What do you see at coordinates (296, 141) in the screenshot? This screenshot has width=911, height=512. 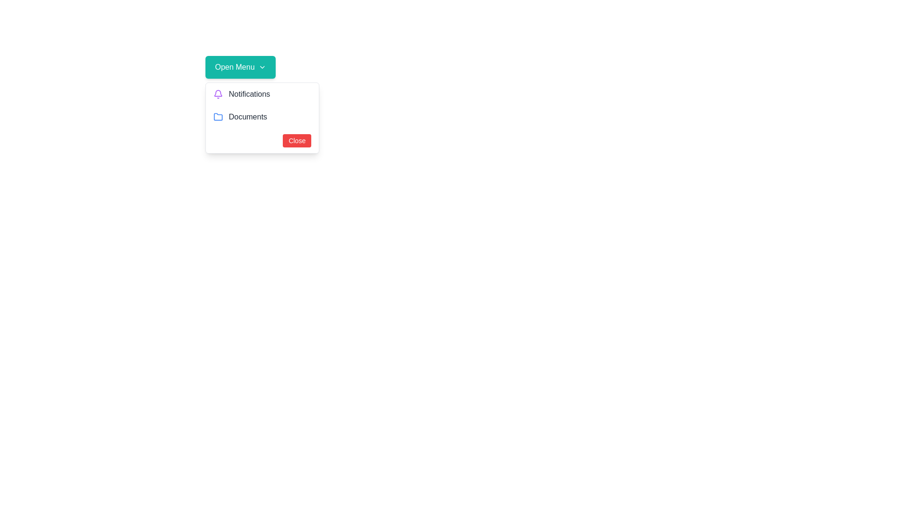 I see `the red 'Close' button with white text inside, located at the bottom-right corner of the dropdown menu` at bounding box center [296, 141].